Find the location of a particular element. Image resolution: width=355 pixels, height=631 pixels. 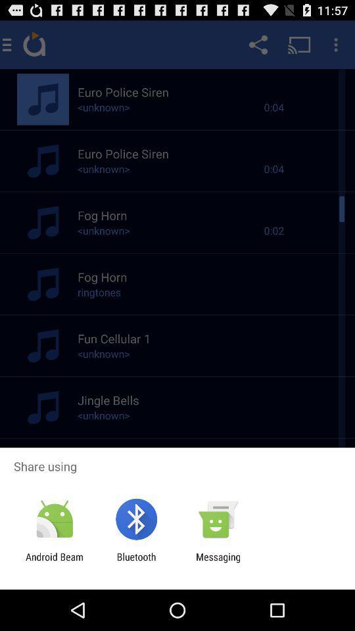

item next to android beam is located at coordinates (135, 562).